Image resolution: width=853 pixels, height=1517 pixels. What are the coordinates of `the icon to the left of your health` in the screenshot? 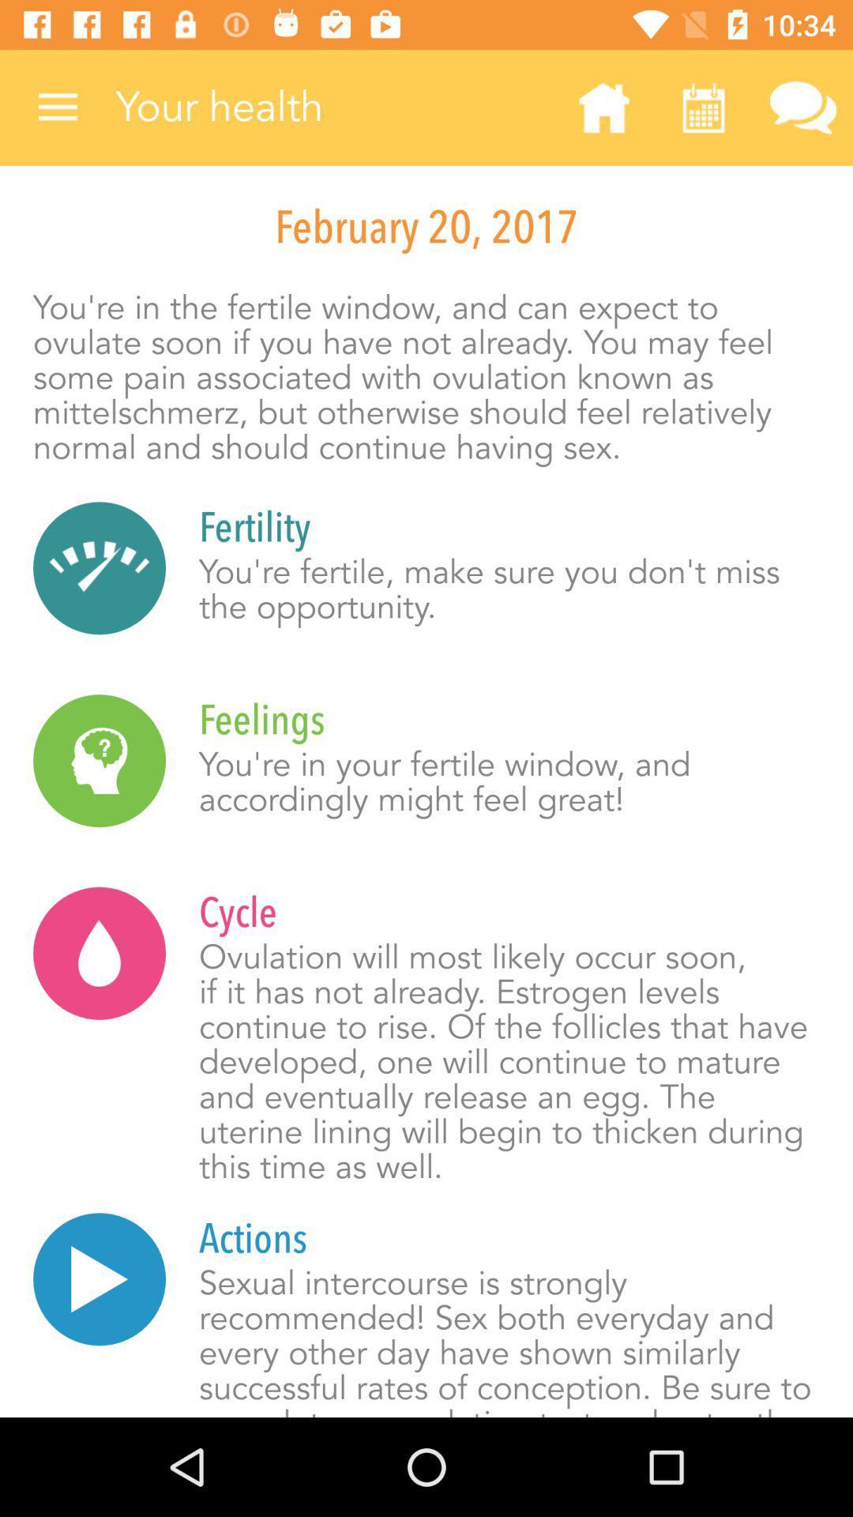 It's located at (57, 107).